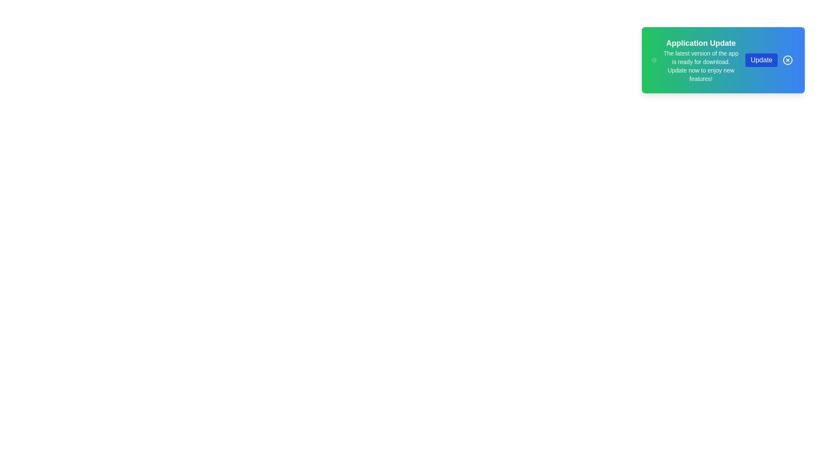 Image resolution: width=815 pixels, height=458 pixels. What do you see at coordinates (762, 60) in the screenshot?
I see `the 'Update' button to start the update process` at bounding box center [762, 60].